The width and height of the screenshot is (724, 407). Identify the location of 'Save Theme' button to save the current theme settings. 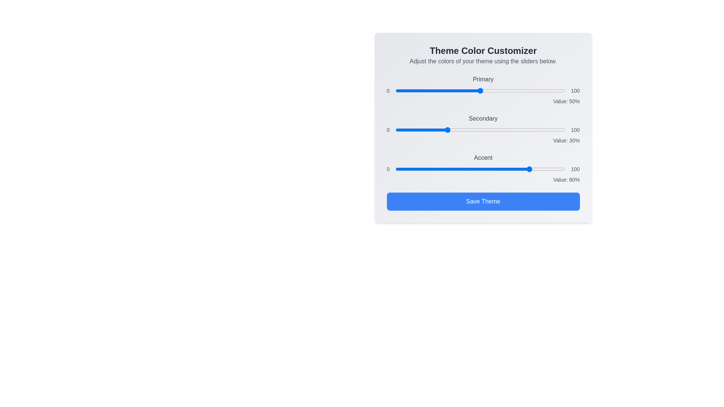
(483, 201).